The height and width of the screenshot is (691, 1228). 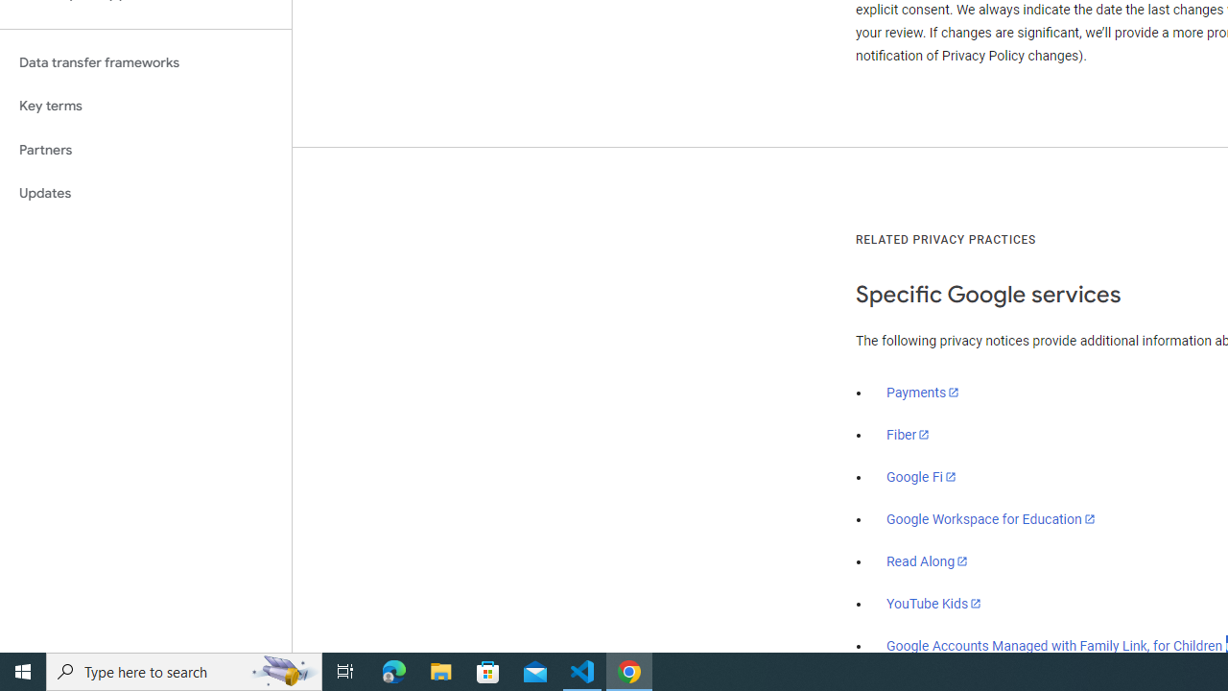 I want to click on 'YouTube Kids', so click(x=934, y=602).